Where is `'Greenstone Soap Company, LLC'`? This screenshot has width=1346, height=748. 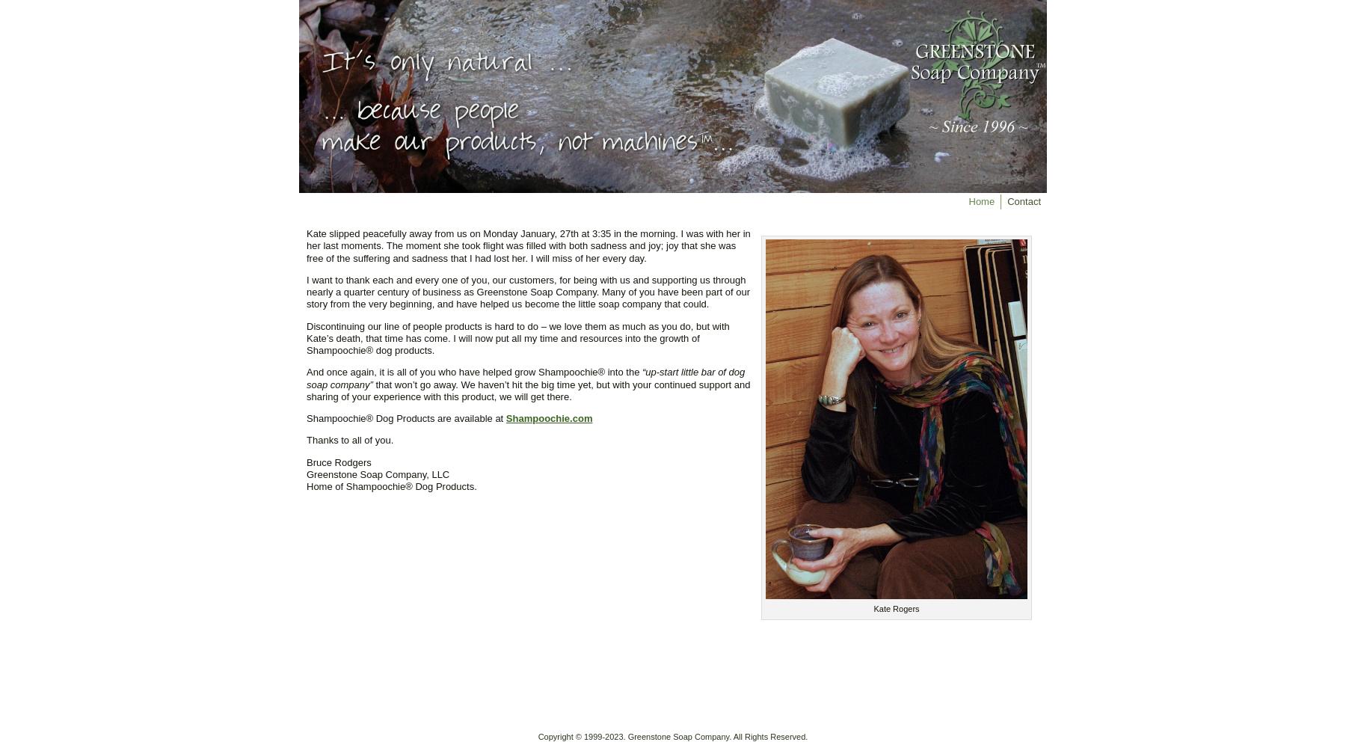 'Greenstone Soap Company, LLC' is located at coordinates (377, 473).